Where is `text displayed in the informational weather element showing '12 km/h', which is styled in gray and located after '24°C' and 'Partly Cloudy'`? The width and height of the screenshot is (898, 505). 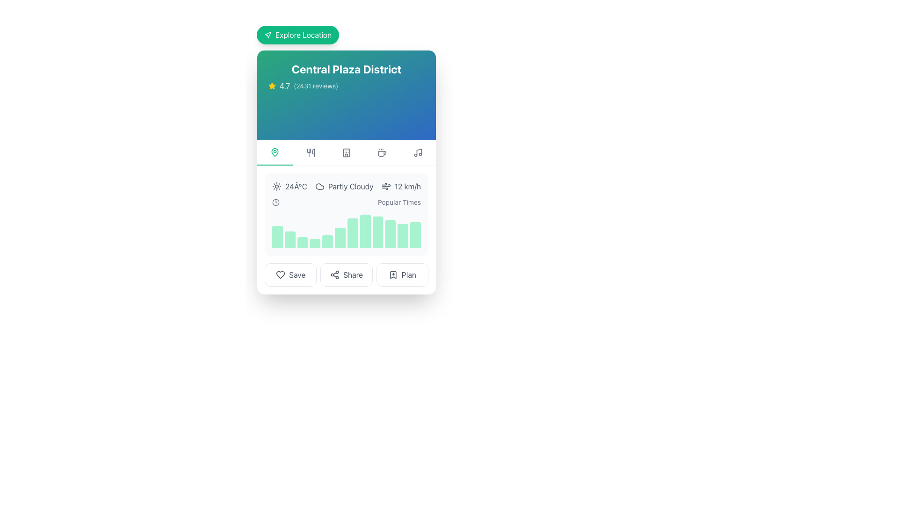
text displayed in the informational weather element showing '12 km/h', which is styled in gray and located after '24°C' and 'Partly Cloudy' is located at coordinates (401, 186).